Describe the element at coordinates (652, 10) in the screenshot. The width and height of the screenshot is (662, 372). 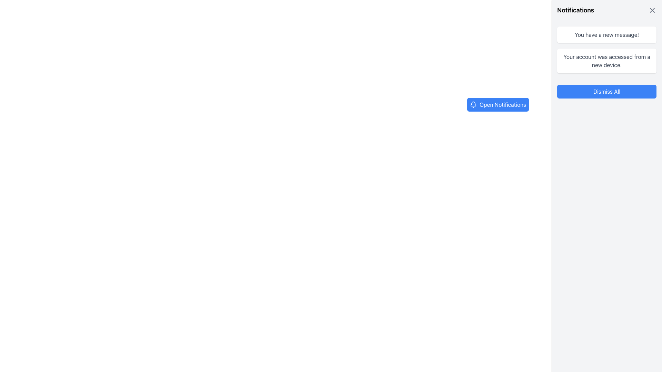
I see `the small close button represented by an 'X' icon located in the top-right corner of the 'Notifications' header` at that location.